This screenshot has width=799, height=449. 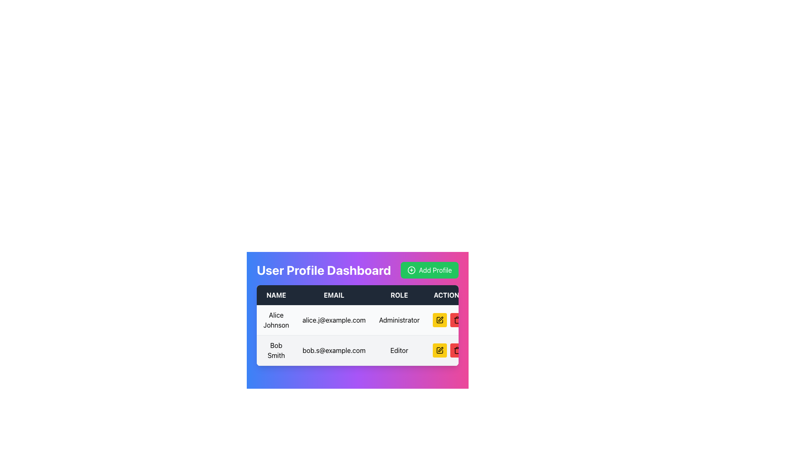 I want to click on the second row of the user information table located below the 'USER PROFILE DASHBOARD' section, so click(x=364, y=335).